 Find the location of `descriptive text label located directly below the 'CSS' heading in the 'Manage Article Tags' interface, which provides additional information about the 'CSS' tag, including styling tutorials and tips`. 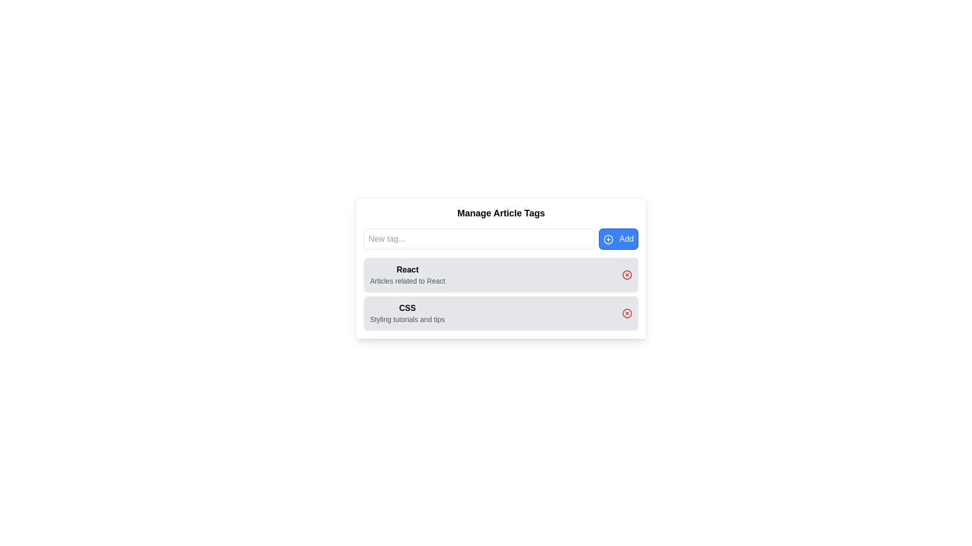

descriptive text label located directly below the 'CSS' heading in the 'Manage Article Tags' interface, which provides additional information about the 'CSS' tag, including styling tutorials and tips is located at coordinates (407, 320).